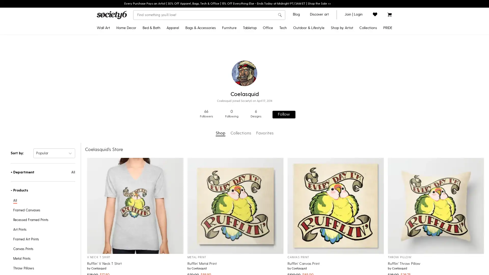 The width and height of the screenshot is (489, 275). What do you see at coordinates (136, 106) in the screenshot?
I see `Rugs` at bounding box center [136, 106].